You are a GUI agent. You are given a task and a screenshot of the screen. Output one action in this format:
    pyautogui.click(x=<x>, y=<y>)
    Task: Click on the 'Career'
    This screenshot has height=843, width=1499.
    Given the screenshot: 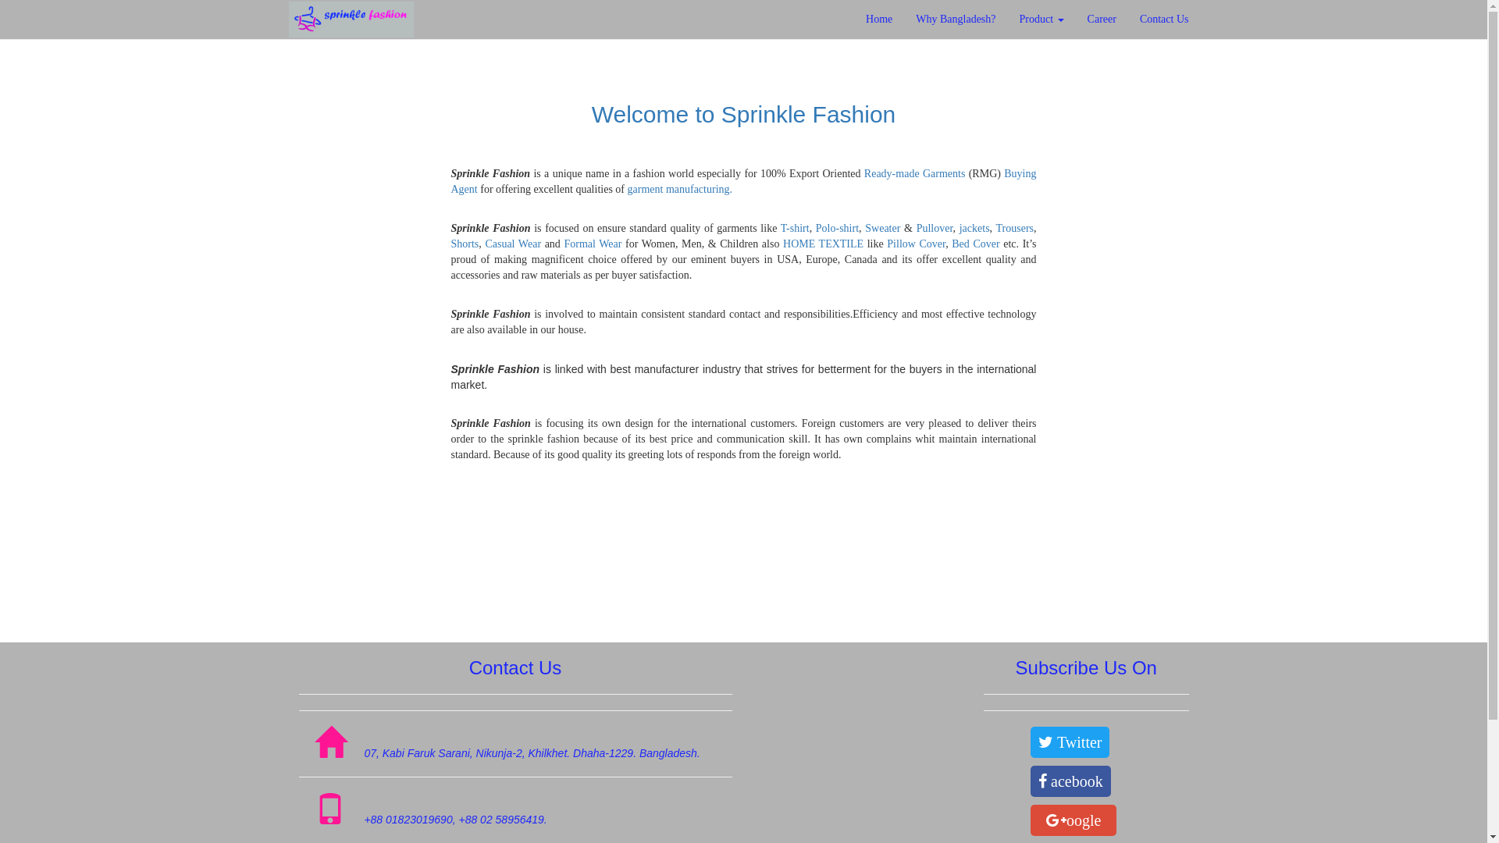 What is the action you would take?
    pyautogui.click(x=1074, y=19)
    